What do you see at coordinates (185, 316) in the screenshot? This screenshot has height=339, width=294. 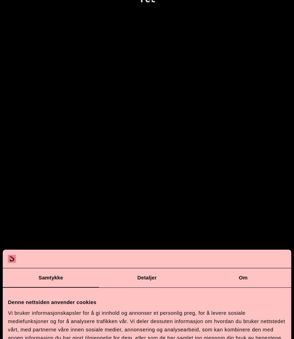 I see `'e'` at bounding box center [185, 316].